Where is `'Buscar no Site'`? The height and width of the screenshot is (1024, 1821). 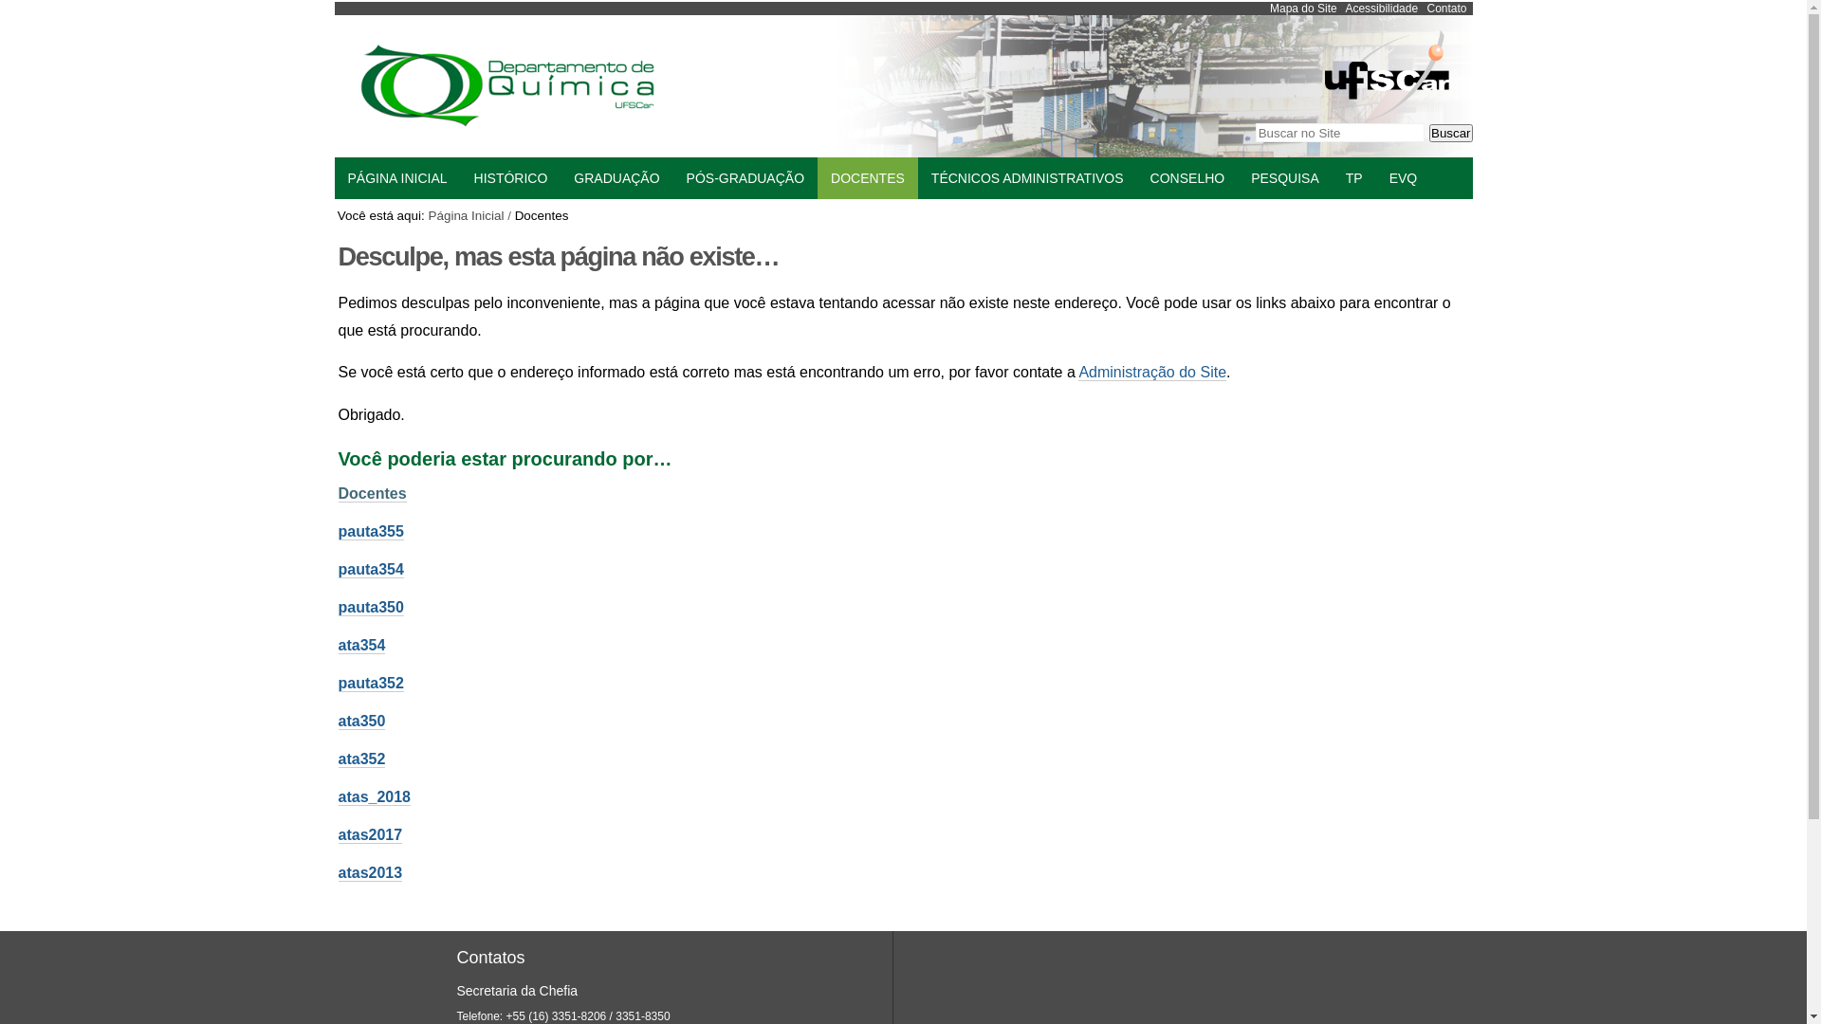
'Buscar no Site' is located at coordinates (1338, 131).